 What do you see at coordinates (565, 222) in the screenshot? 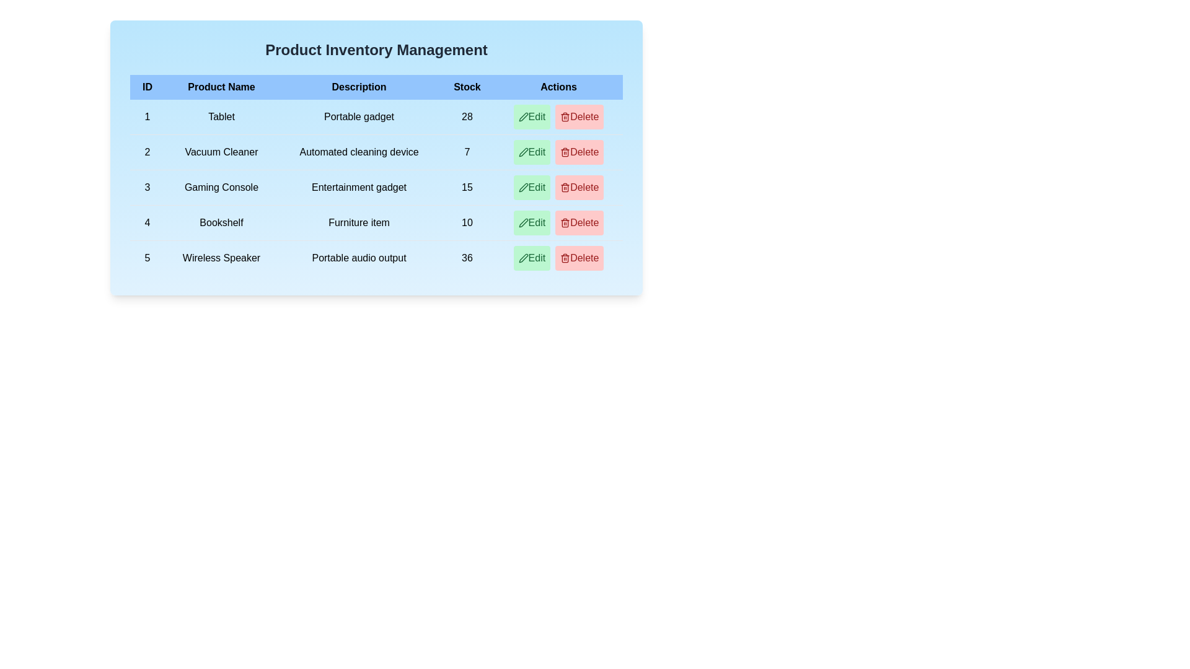
I see `the red trash bin icon within the 'Delete' button in the 'Actions' column of the 'Bookshelf' row` at bounding box center [565, 222].